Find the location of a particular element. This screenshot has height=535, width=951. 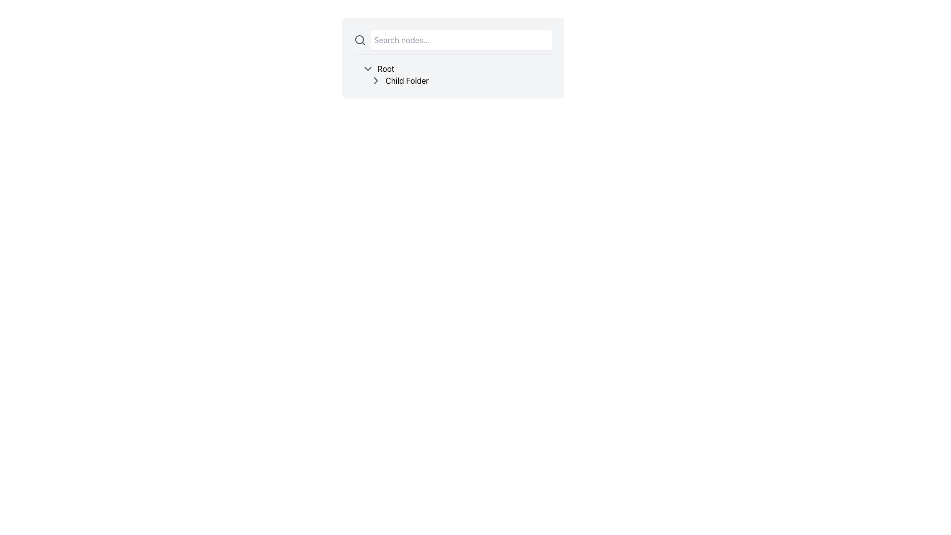

the Circle graphic element that serves as part of the magnifying glass icon in the search bar is located at coordinates (359, 39).